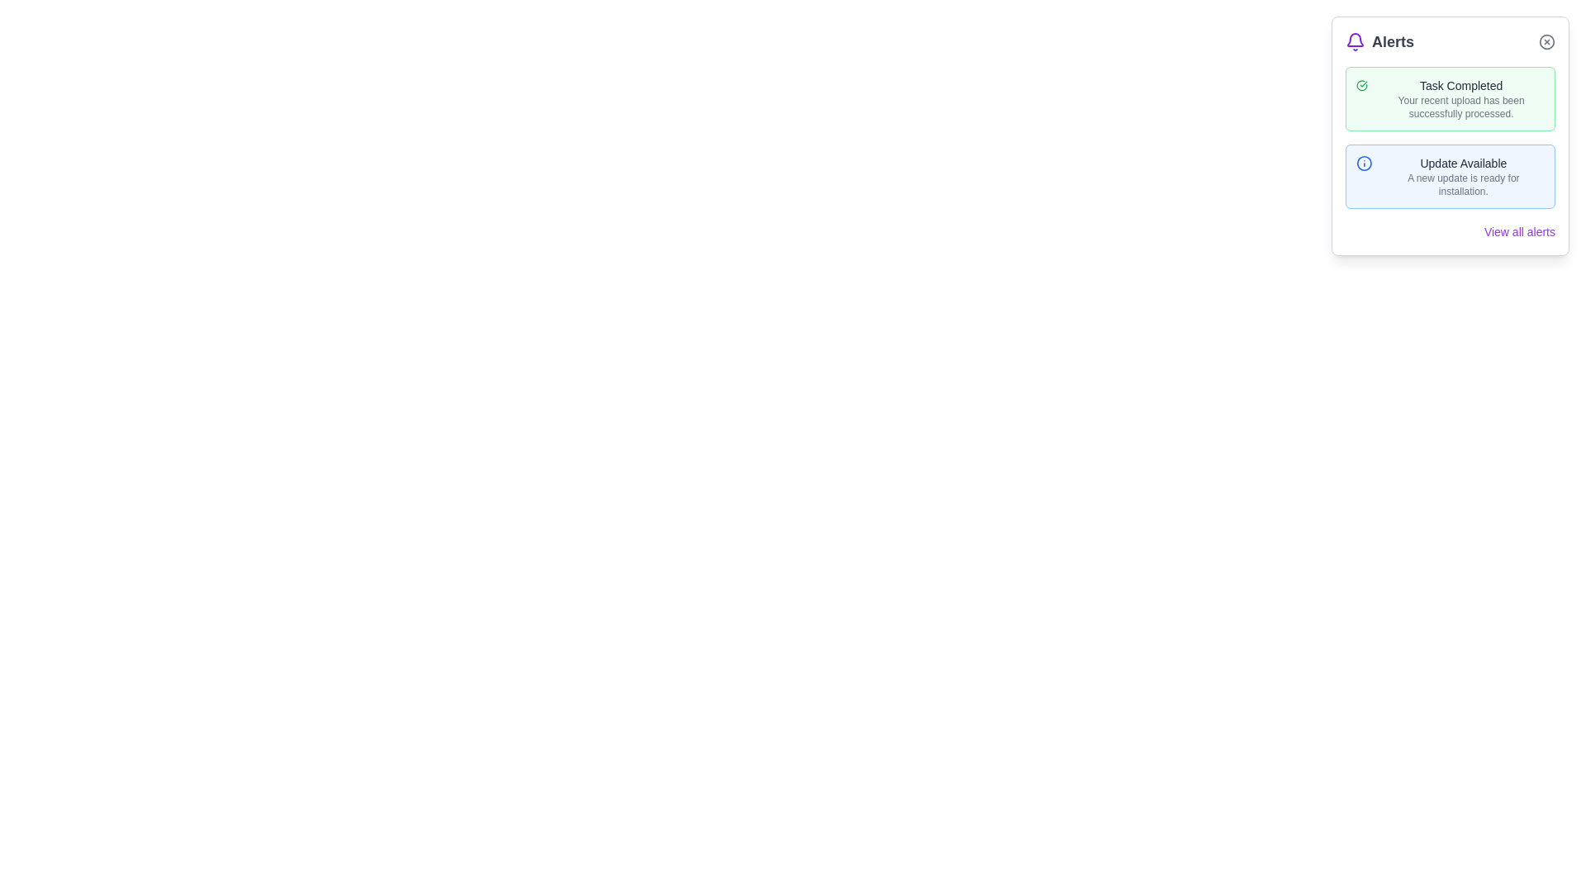 The height and width of the screenshot is (892, 1586). What do you see at coordinates (1463, 176) in the screenshot?
I see `text displayed in the lower part of the 'Alerts' section, which notifies the user of an available update and is centered within its bordered box` at bounding box center [1463, 176].